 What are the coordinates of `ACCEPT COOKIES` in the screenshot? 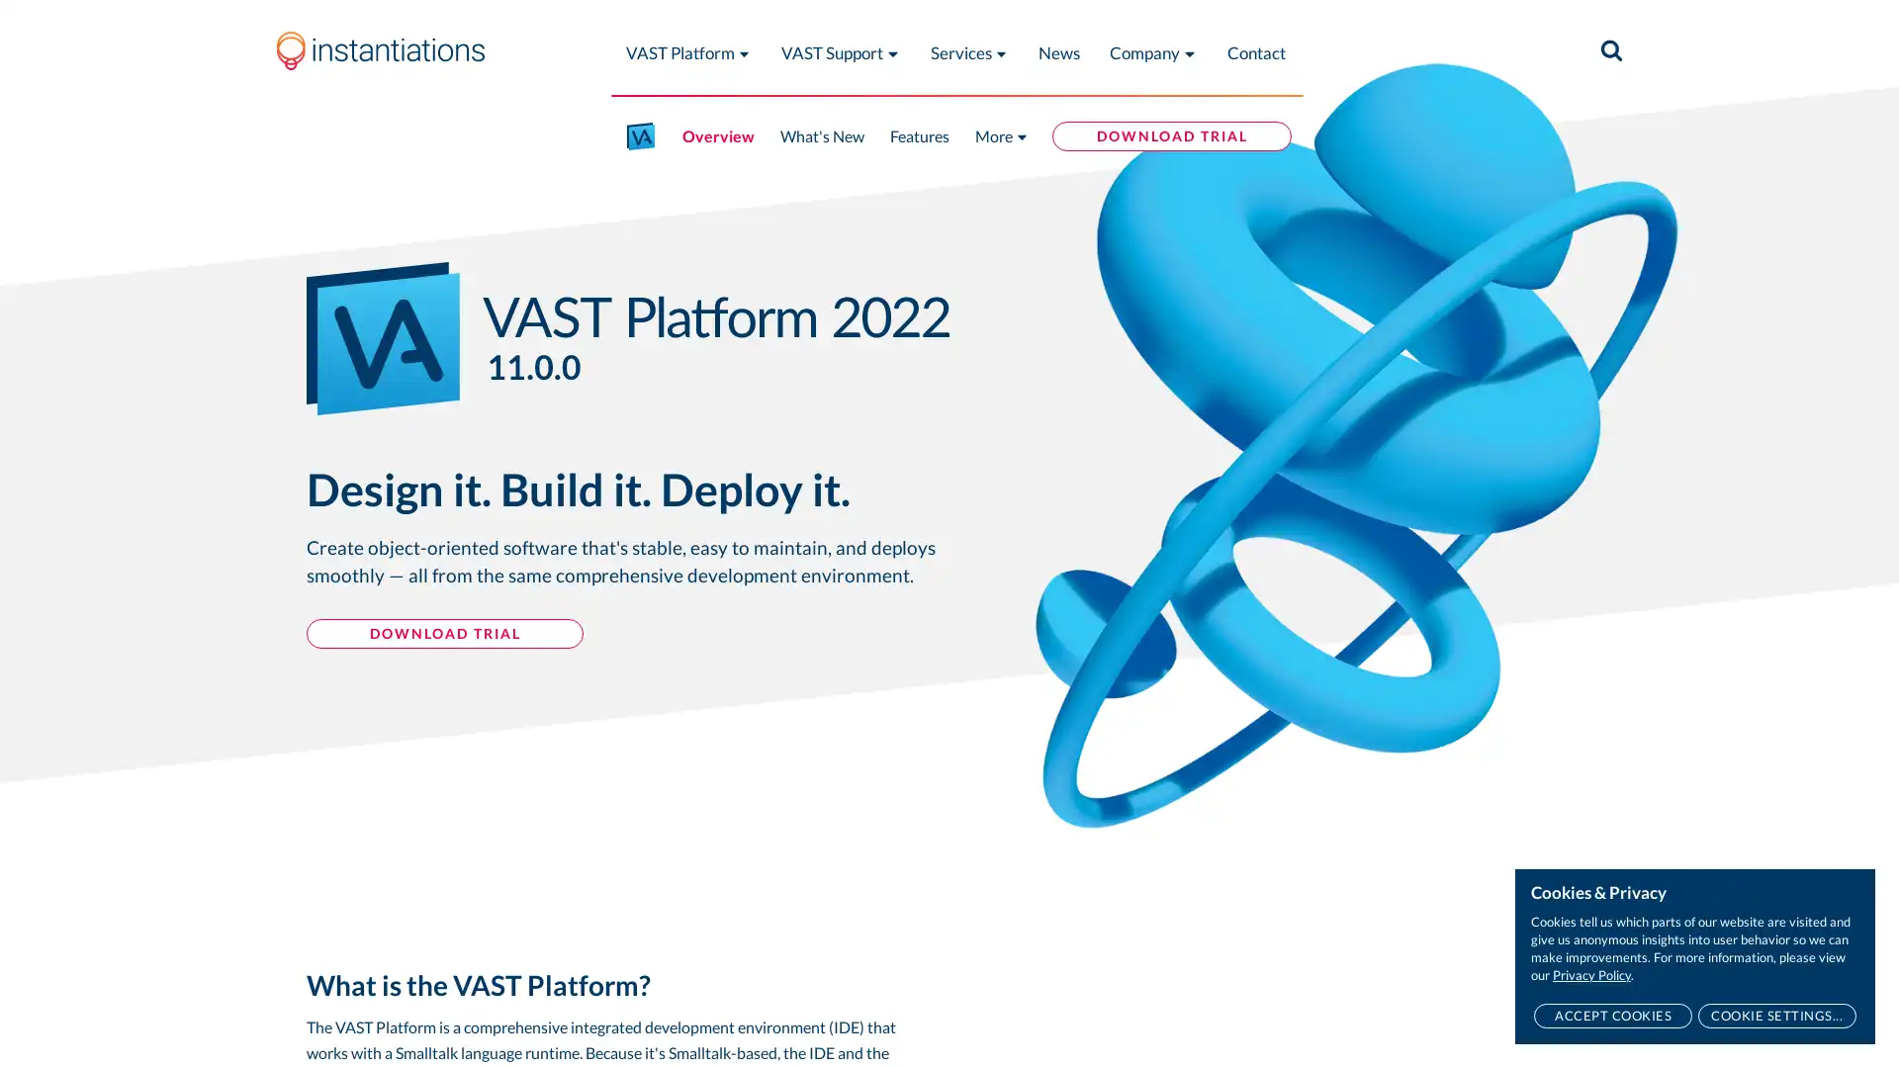 It's located at (1612, 1016).